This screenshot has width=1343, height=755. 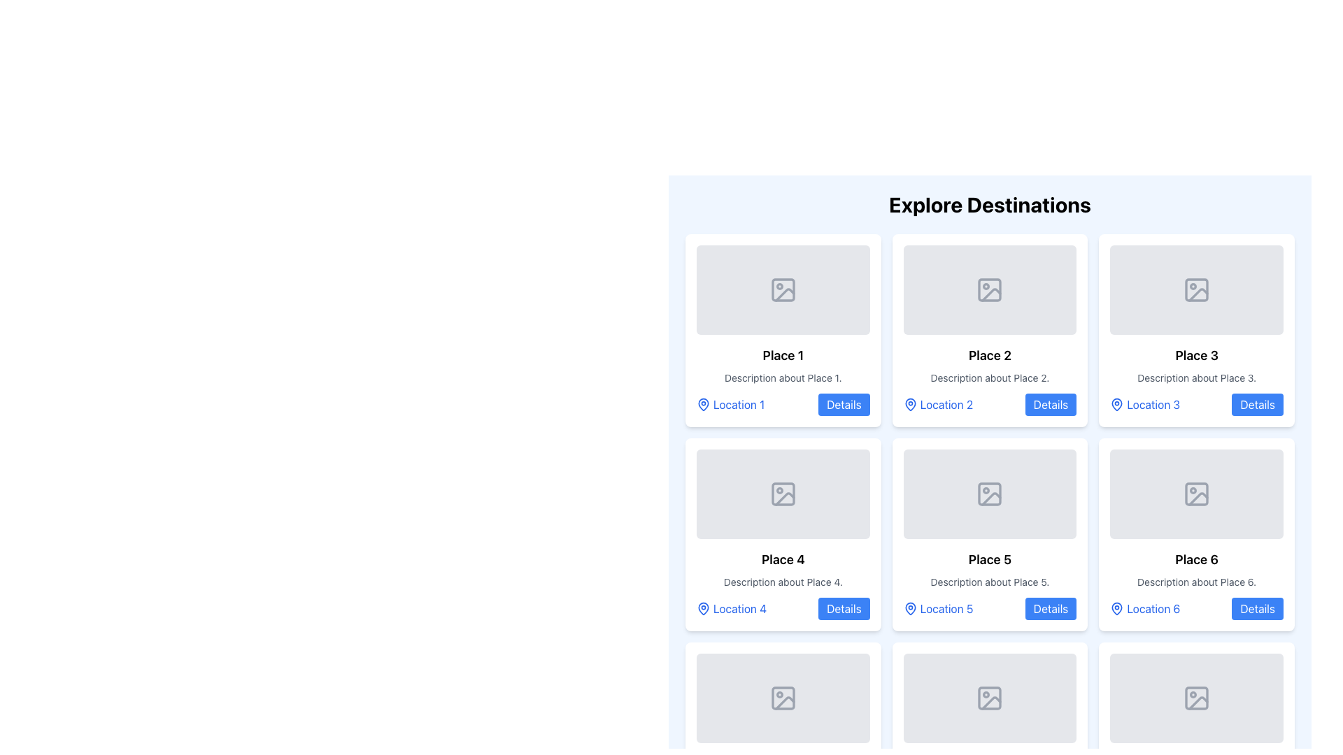 I want to click on the 'Location 5' text label located in the lower-left corner of the 'Place 5' card, which is accompanied by a 'Details' button on its right, so click(x=938, y=608).